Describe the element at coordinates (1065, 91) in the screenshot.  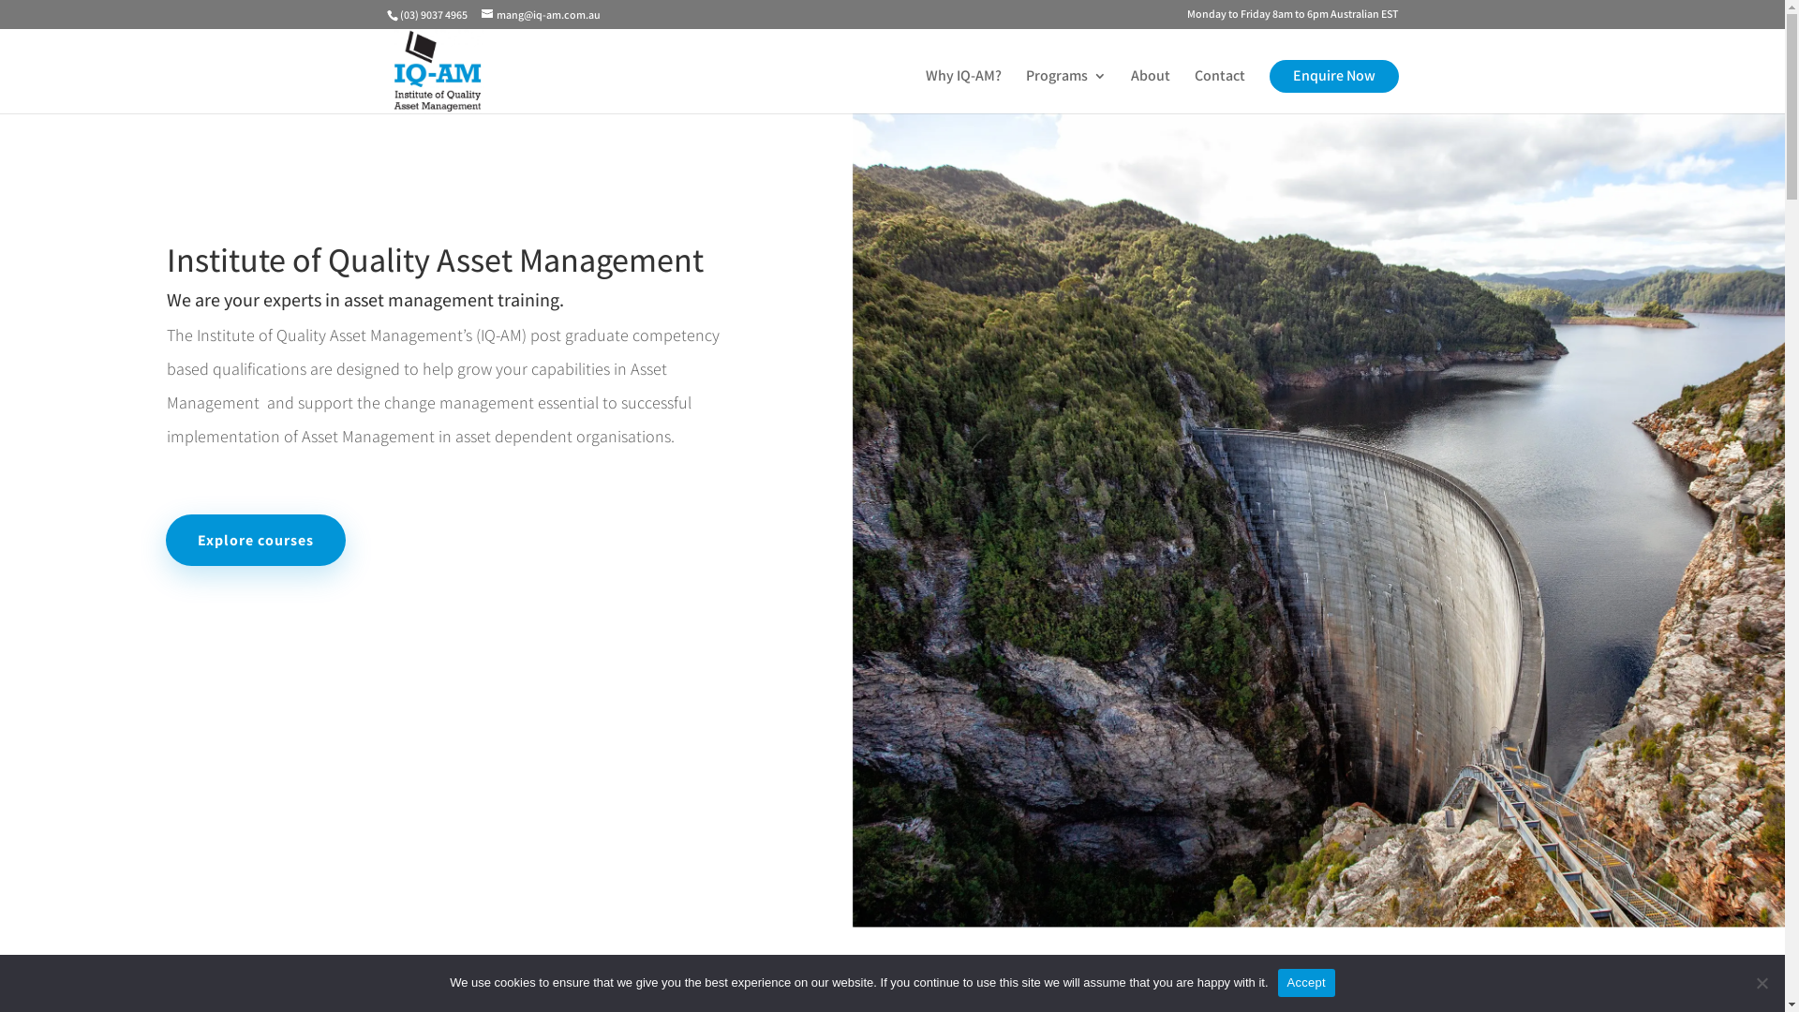
I see `'Programs'` at that location.